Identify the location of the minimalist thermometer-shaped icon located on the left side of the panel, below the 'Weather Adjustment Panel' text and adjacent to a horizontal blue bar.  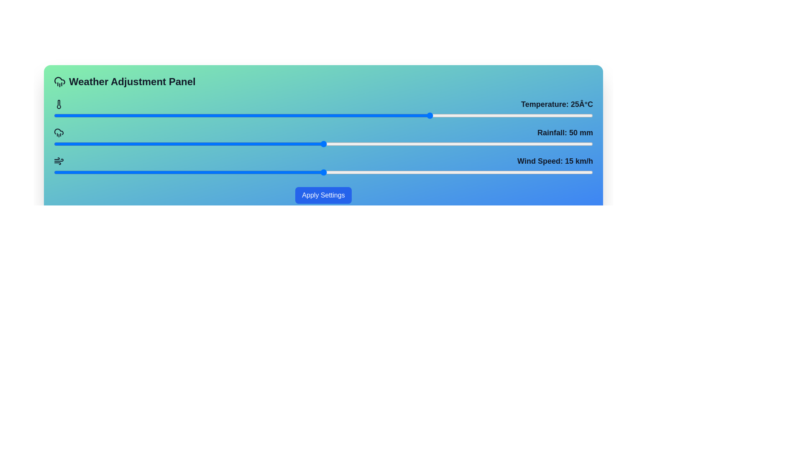
(58, 104).